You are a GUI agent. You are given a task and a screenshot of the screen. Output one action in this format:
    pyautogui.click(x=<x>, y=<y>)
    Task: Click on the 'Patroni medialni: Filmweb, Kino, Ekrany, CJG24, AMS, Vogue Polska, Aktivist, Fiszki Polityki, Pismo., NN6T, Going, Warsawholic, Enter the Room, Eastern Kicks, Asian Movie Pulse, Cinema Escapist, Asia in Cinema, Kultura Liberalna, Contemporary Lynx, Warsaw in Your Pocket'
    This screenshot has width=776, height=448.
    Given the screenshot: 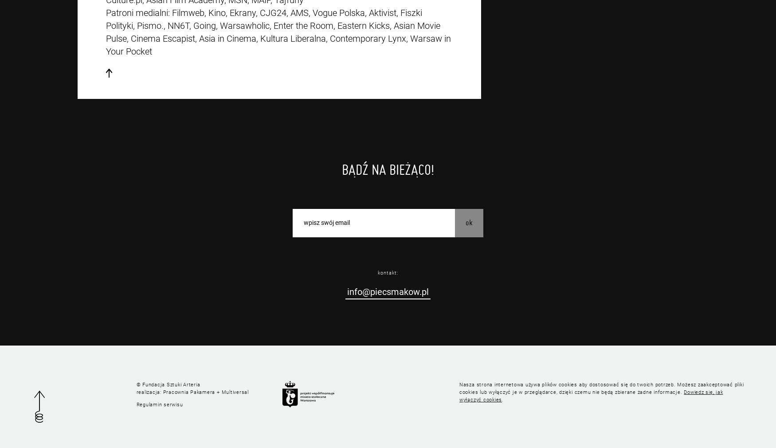 What is the action you would take?
    pyautogui.click(x=278, y=31)
    